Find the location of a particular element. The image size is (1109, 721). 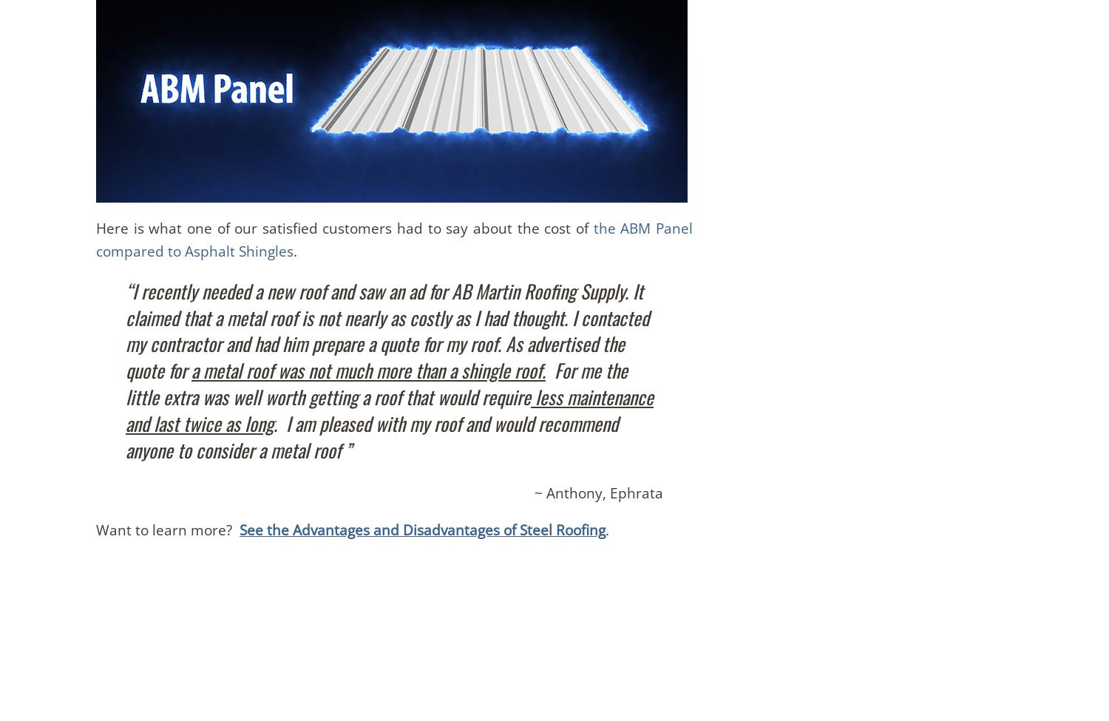

'less maintenance and last twice as long' is located at coordinates (125, 408).